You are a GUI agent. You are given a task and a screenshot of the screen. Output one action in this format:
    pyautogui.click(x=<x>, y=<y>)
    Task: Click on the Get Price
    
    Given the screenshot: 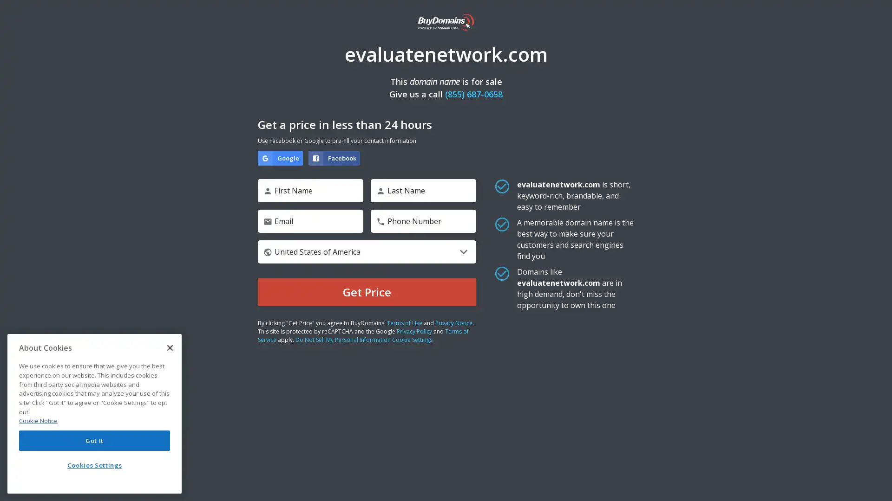 What is the action you would take?
    pyautogui.click(x=367, y=291)
    